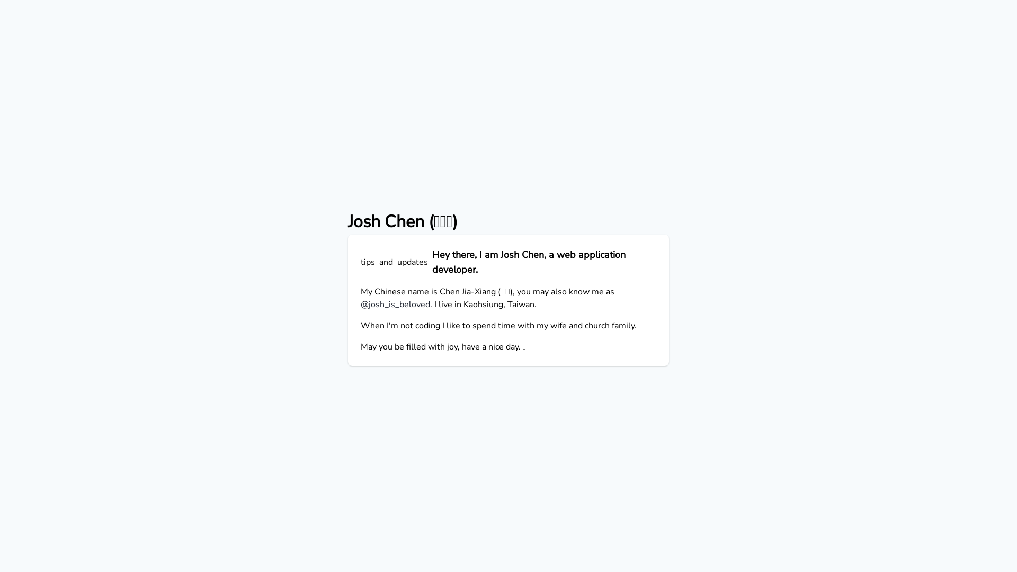 The height and width of the screenshot is (572, 1017). What do you see at coordinates (395, 304) in the screenshot?
I see `'@josh_is_beloved'` at bounding box center [395, 304].